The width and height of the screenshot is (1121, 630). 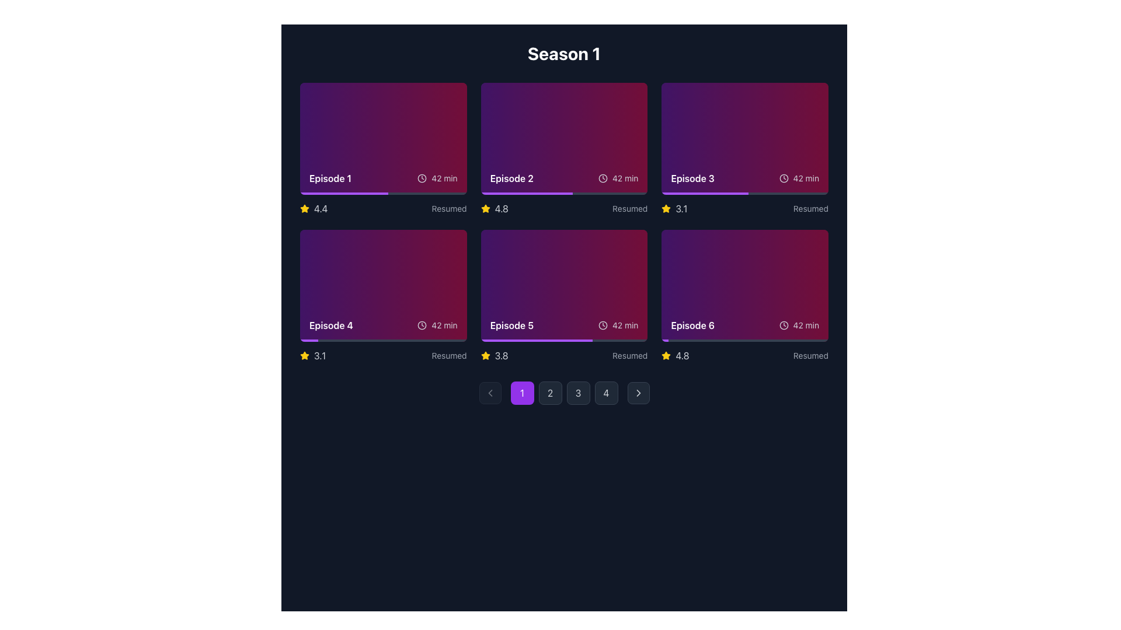 What do you see at coordinates (305, 208) in the screenshot?
I see `the yellow star icon located next to the numeric rating text '4.4' under 'Episode 1'` at bounding box center [305, 208].